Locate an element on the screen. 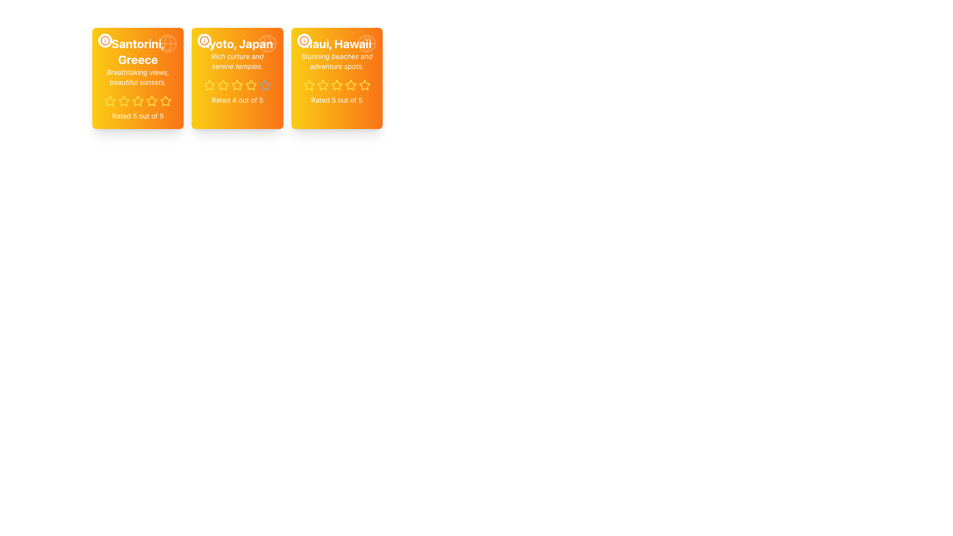  the information icon located at the top-left of the 'Santorini, Greece' card is located at coordinates (105, 40).